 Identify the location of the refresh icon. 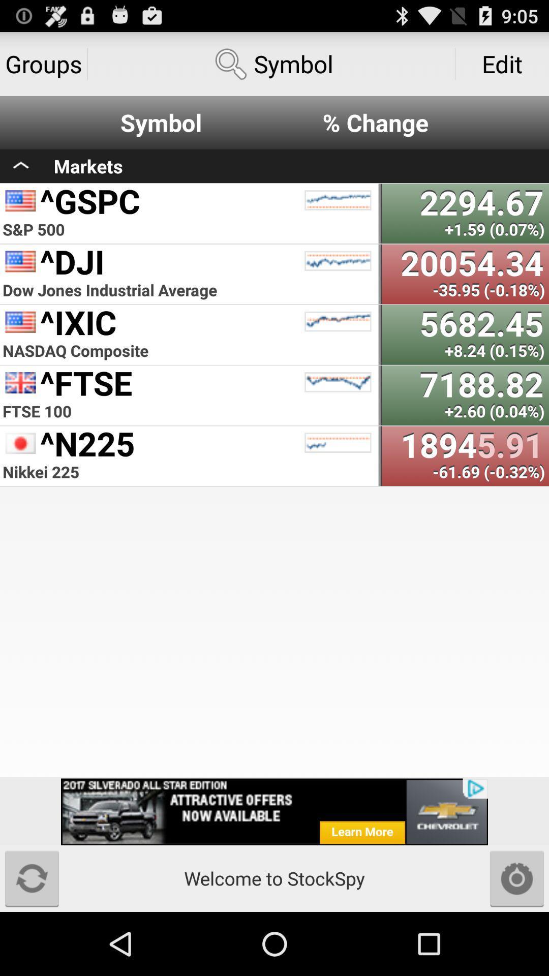
(31, 939).